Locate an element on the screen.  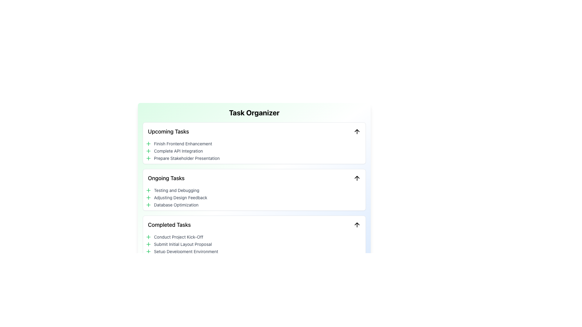
the green plus icon at the start of the text 'Finish Frontend Enhancement' in the 'Upcoming Tasks' section to trigger a tooltip is located at coordinates (148, 144).